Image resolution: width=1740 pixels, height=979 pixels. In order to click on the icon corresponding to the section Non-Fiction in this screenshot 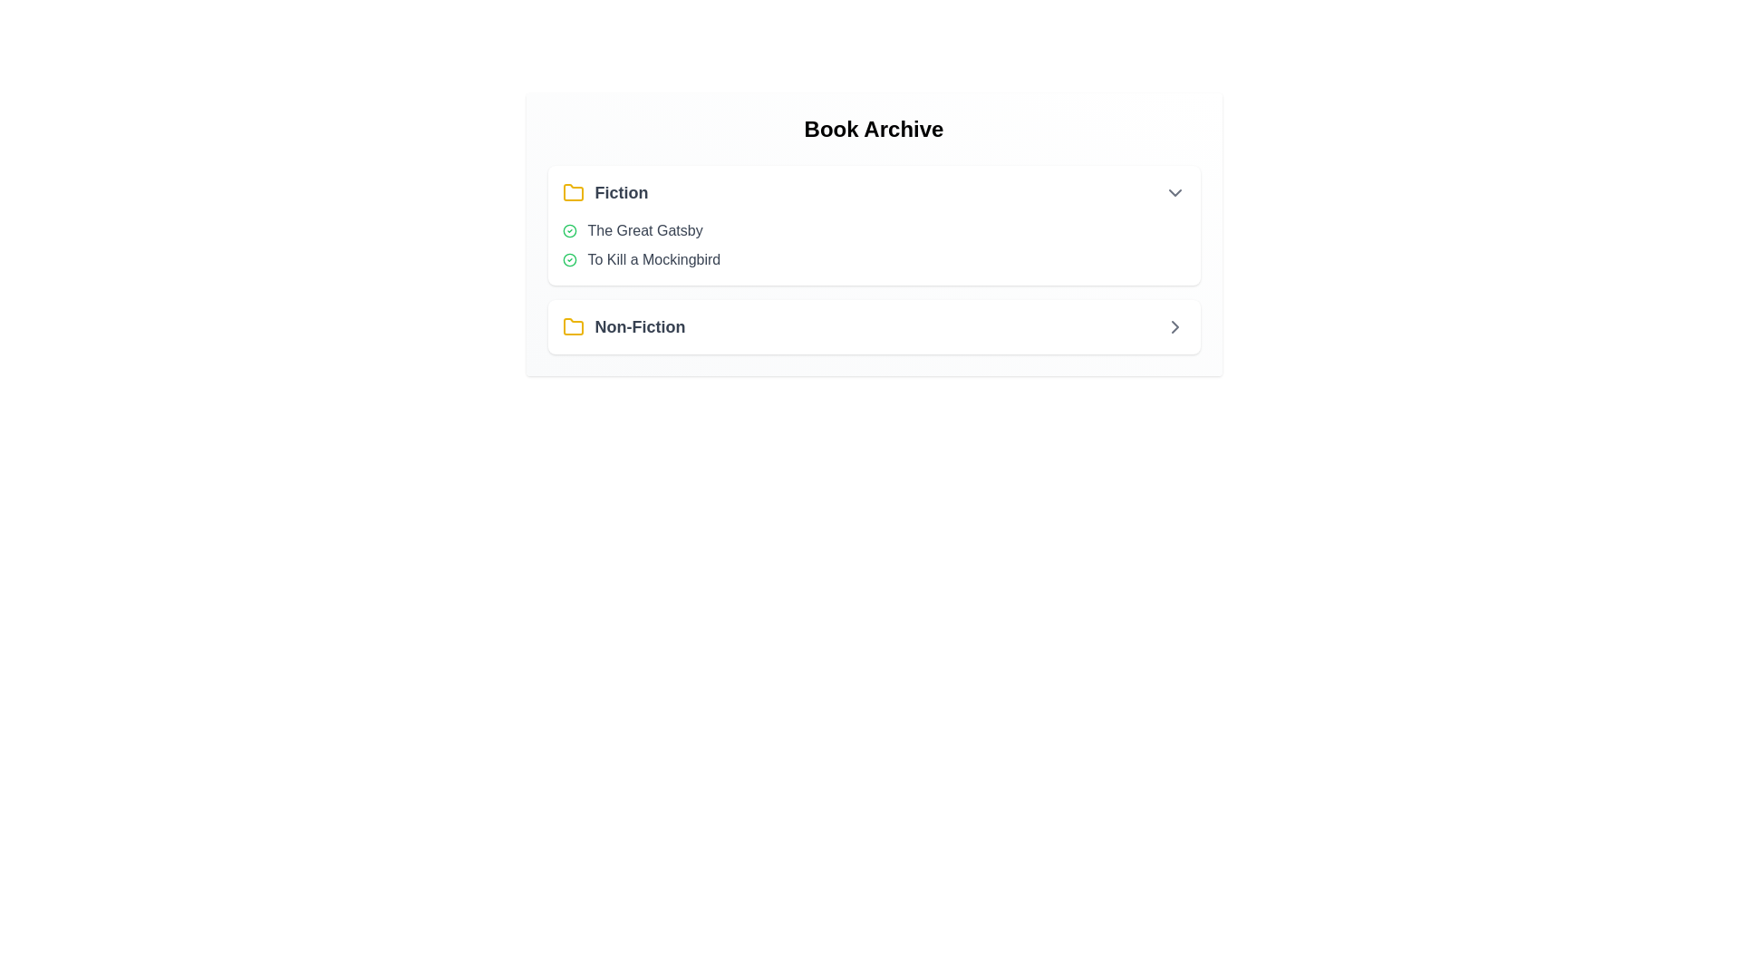, I will do `click(572, 327)`.